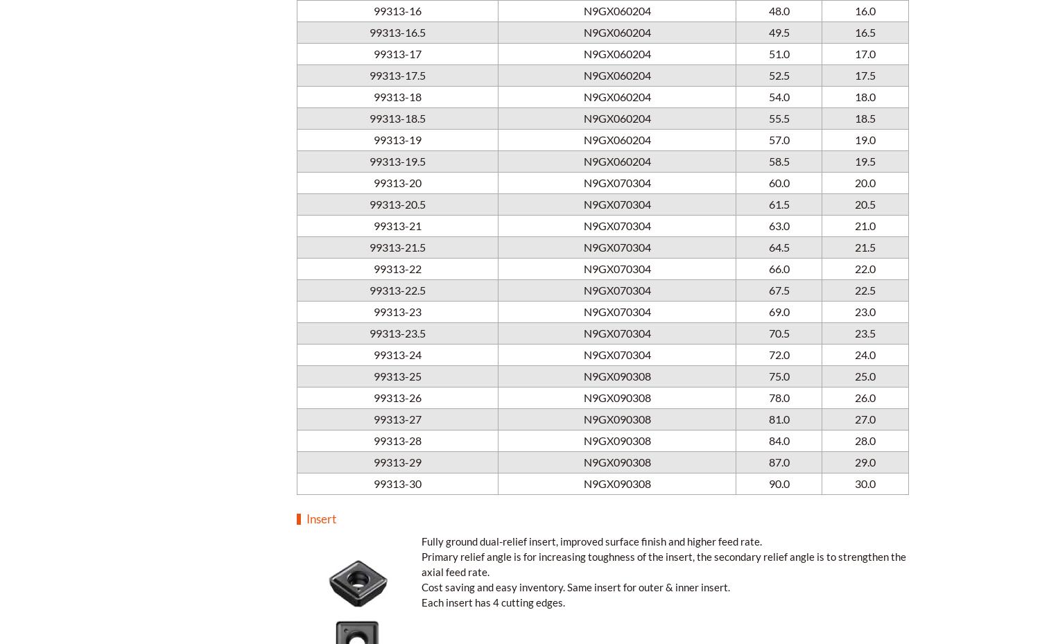  What do you see at coordinates (865, 74) in the screenshot?
I see `'17.5'` at bounding box center [865, 74].